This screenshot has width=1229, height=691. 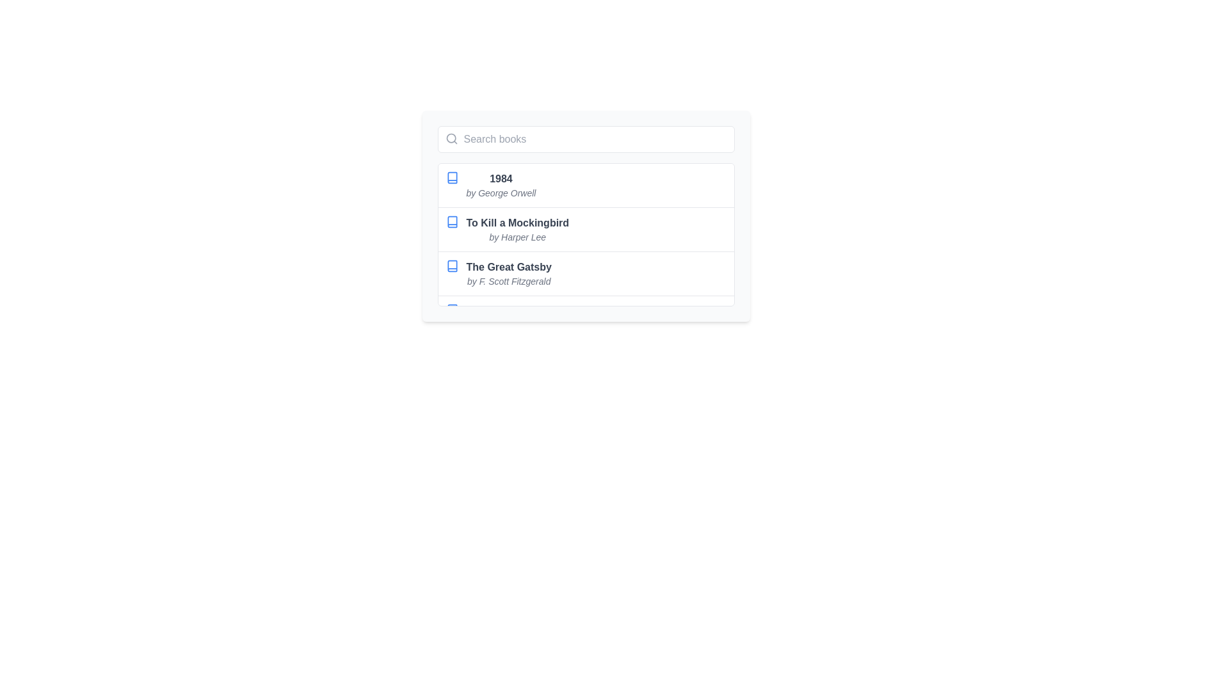 I want to click on the SVG icon representing a book located at the lower left corner of the panel listing books, so click(x=452, y=310).